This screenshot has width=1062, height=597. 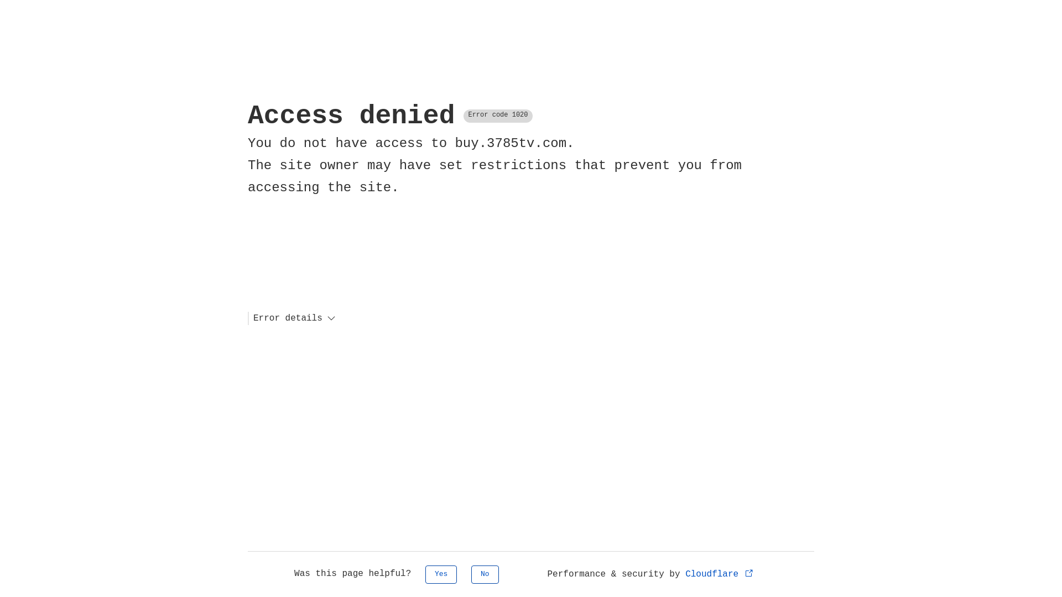 I want to click on 'Opens in new tab', so click(x=749, y=572).